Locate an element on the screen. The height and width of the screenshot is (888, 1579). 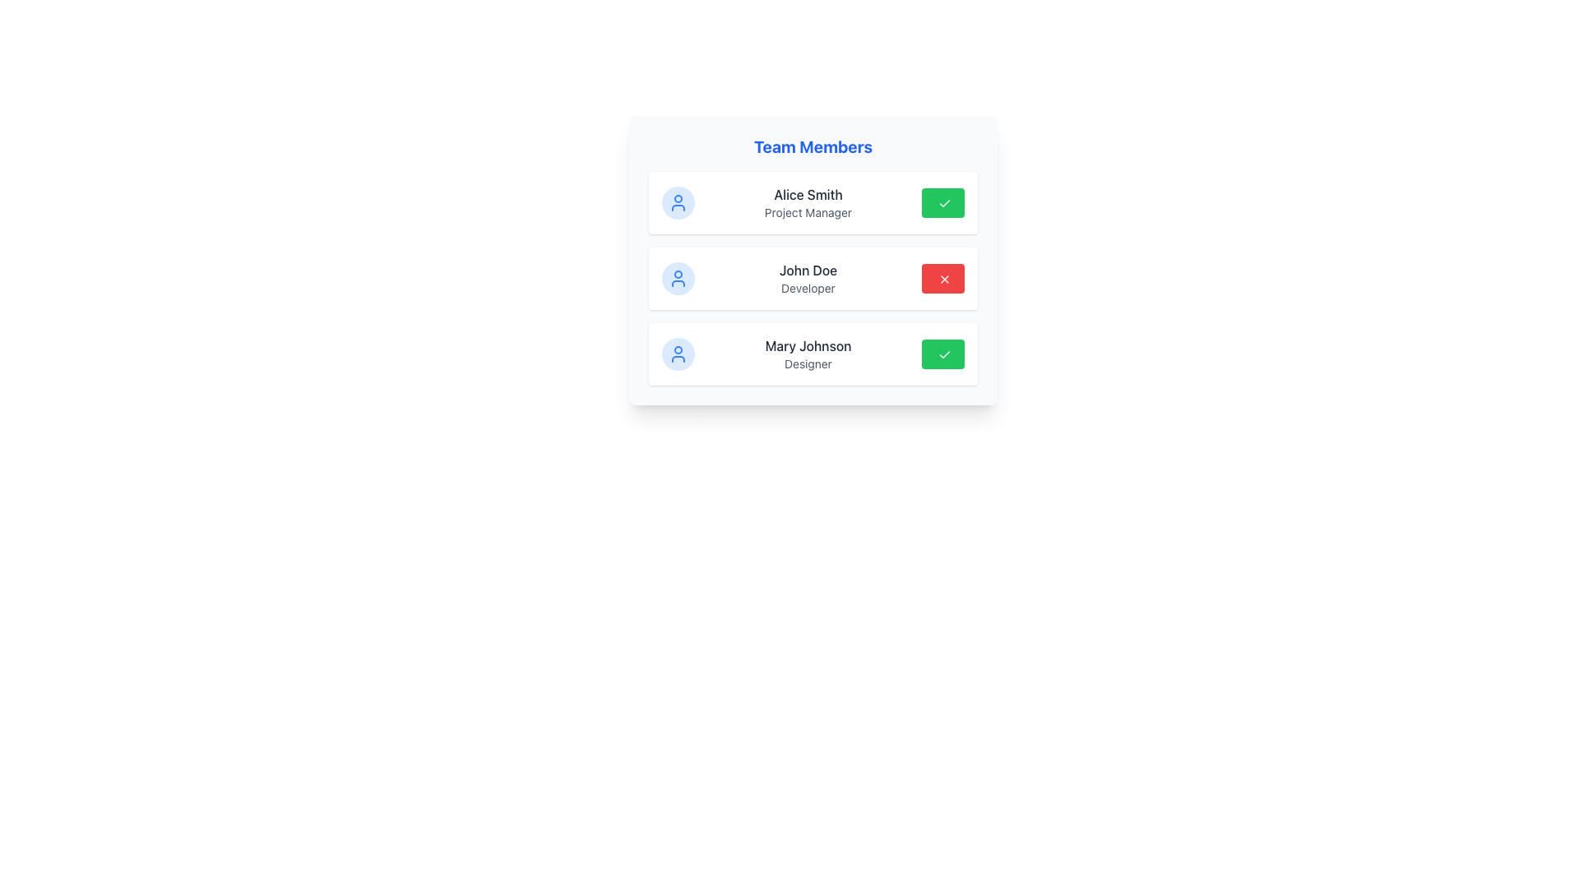
the text label that indicates the role 'Developer' of the individual 'John Doe' in the middle entry of the 'Team Members' list is located at coordinates (808, 288).